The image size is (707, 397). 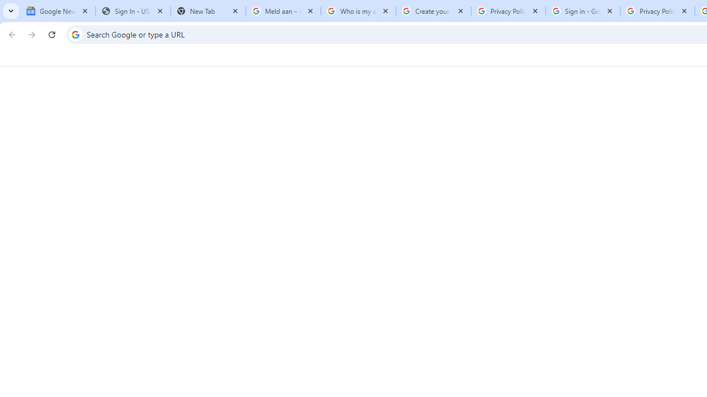 I want to click on 'New Tab', so click(x=208, y=11).